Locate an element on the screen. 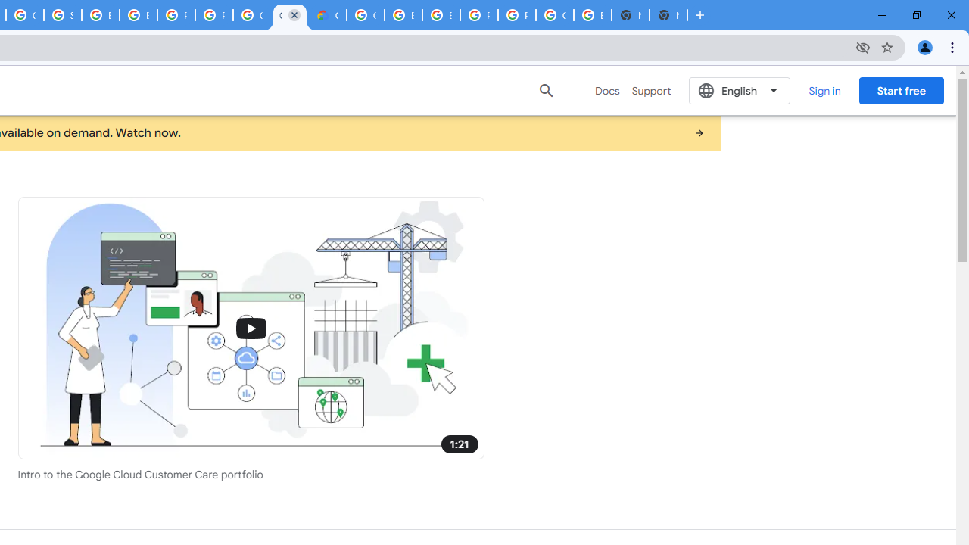  'Customer Care | Google Cloud' is located at coordinates (290, 15).